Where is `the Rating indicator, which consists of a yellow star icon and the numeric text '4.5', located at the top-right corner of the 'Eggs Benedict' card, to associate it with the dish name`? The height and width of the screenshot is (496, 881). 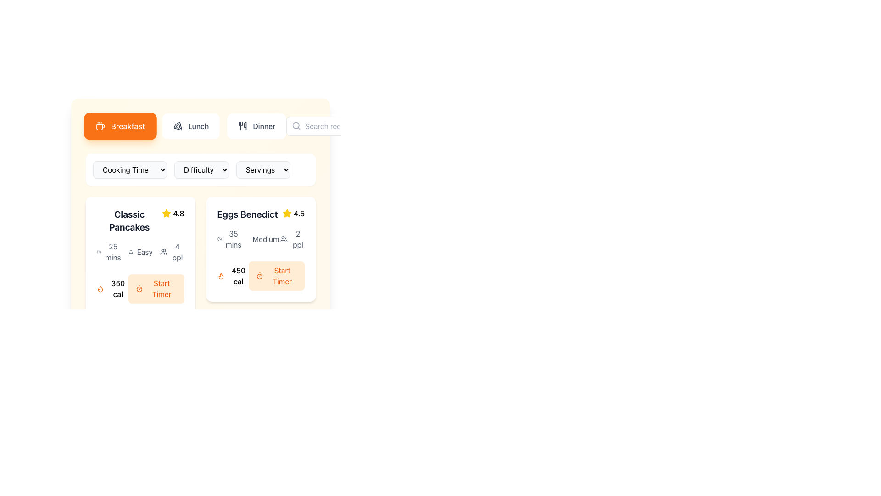 the Rating indicator, which consists of a yellow star icon and the numeric text '4.5', located at the top-right corner of the 'Eggs Benedict' card, to associate it with the dish name is located at coordinates (294, 214).